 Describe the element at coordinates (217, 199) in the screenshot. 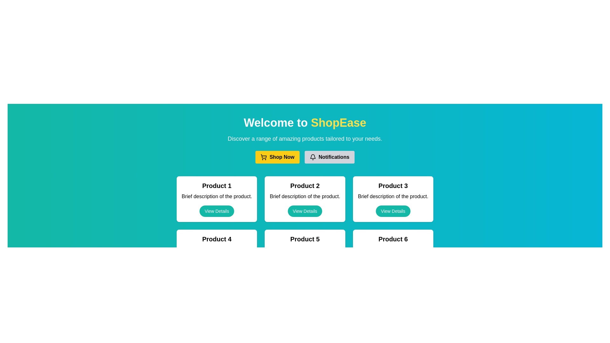

I see `the product overview card located in the top left of the grid display` at that location.